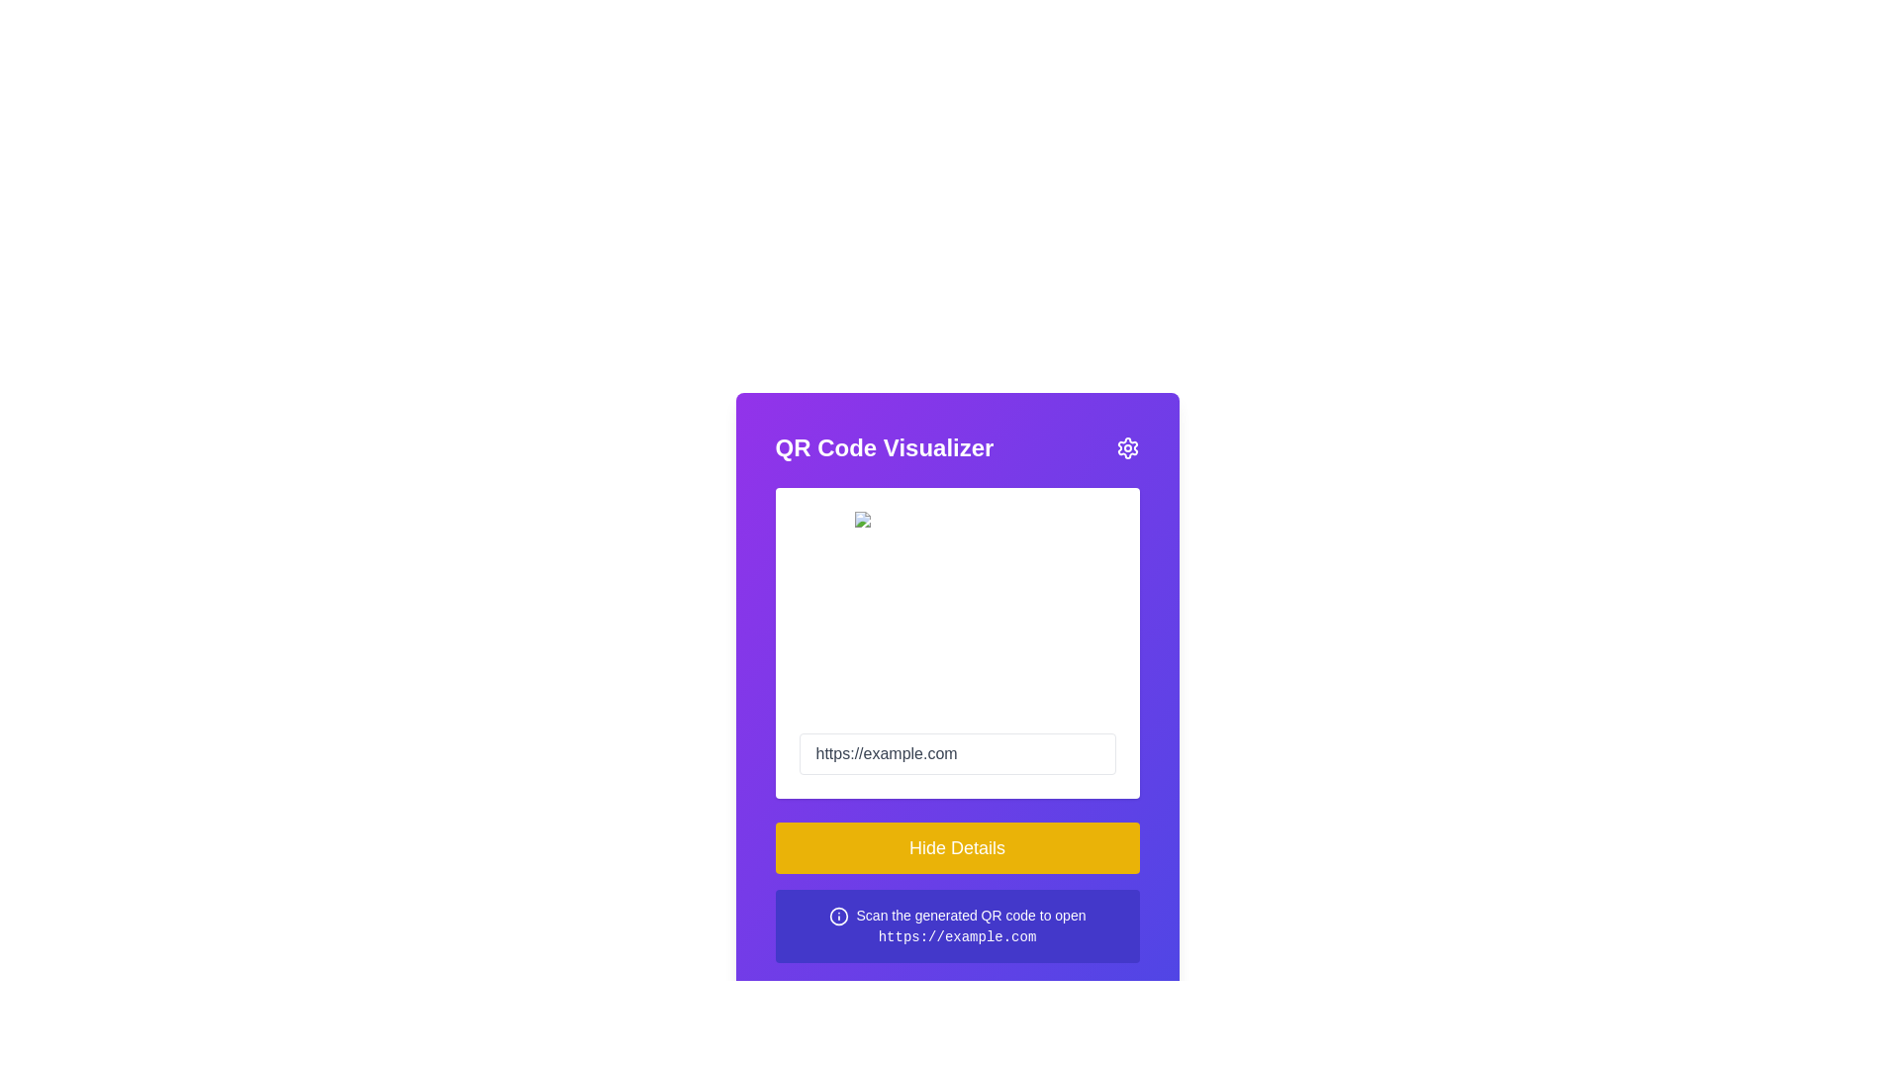  What do you see at coordinates (838, 917) in the screenshot?
I see `the primary circular SVG graphic element located in the upper right corner of the QR Code Visualizer interface` at bounding box center [838, 917].